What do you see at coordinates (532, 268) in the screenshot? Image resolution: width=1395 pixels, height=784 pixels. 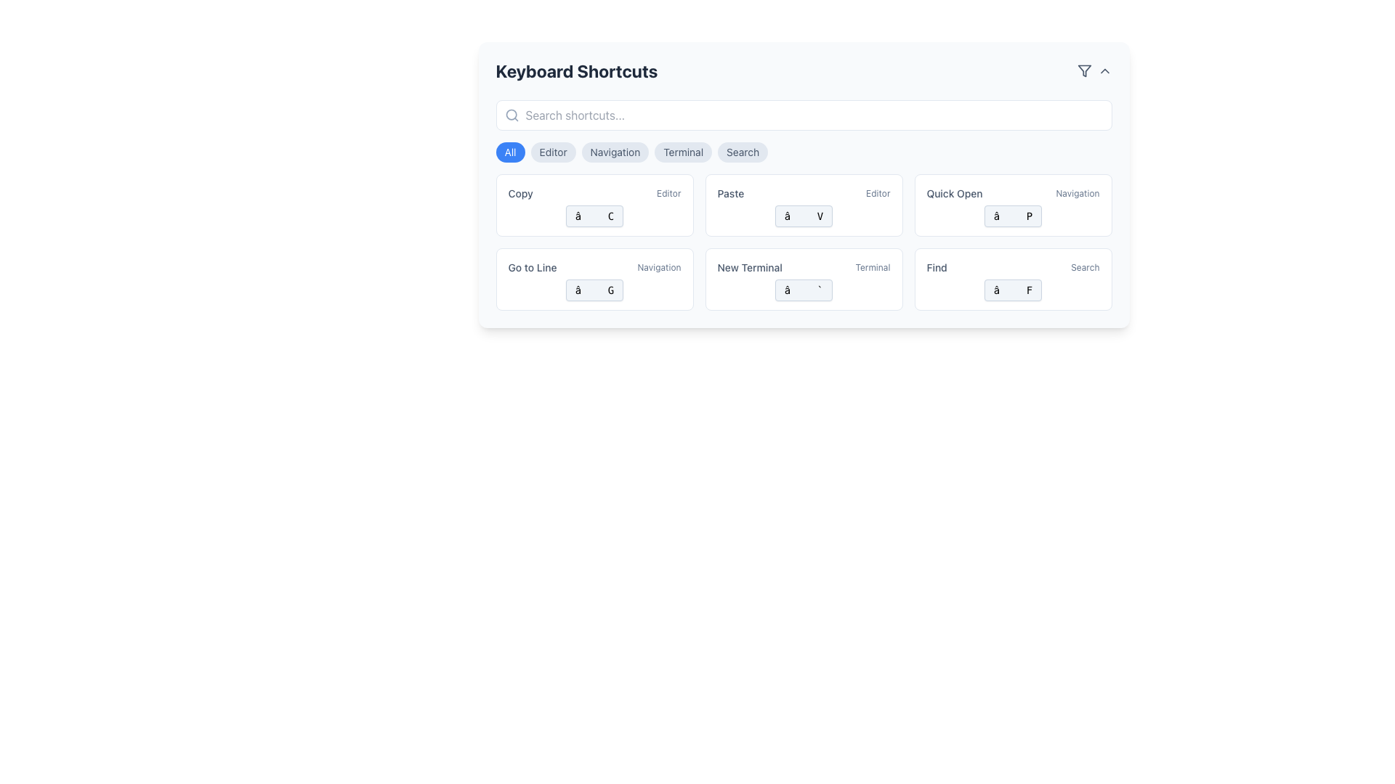 I see `the static text label that indicates the action associated with the keyboard shortcut in the second row of entries` at bounding box center [532, 268].